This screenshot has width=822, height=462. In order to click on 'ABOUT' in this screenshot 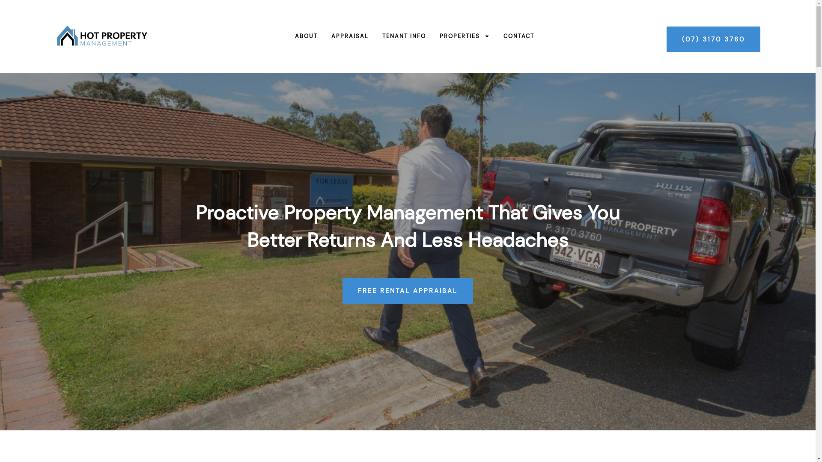, I will do `click(299, 36)`.